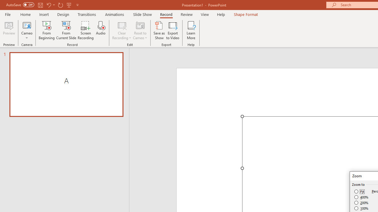 This screenshot has height=212, width=378. Describe the element at coordinates (172, 30) in the screenshot. I see `'Export to Video'` at that location.